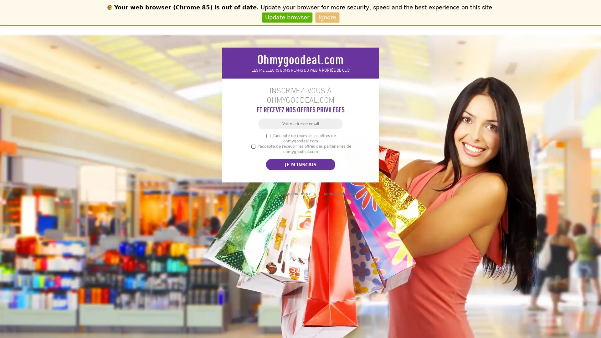  Describe the element at coordinates (300, 164) in the screenshot. I see `Je m'inscris` at that location.